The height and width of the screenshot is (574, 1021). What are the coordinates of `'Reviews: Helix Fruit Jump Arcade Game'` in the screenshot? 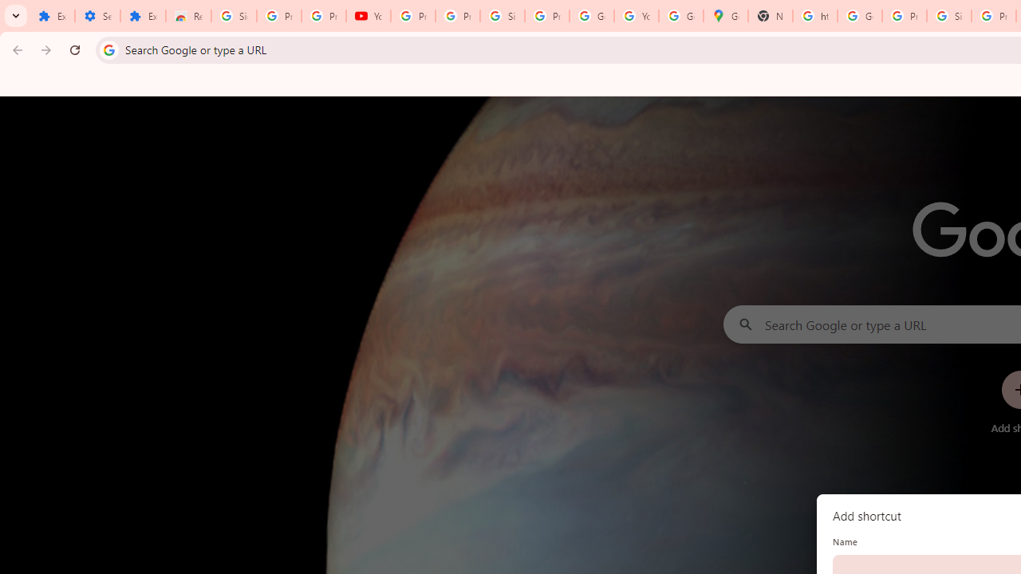 It's located at (188, 16).